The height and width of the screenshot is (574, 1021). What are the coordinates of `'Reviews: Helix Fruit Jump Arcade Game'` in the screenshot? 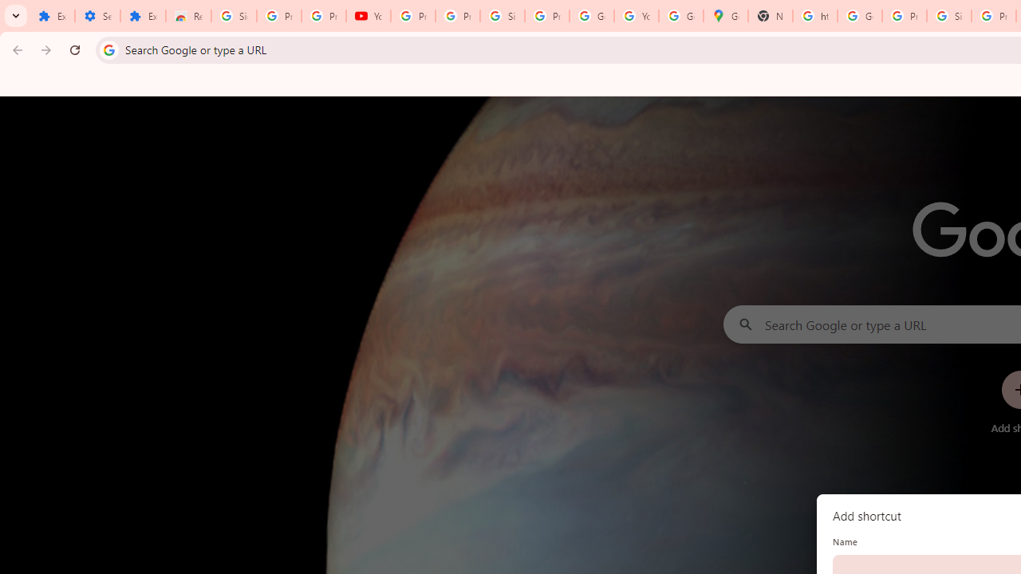 It's located at (188, 16).